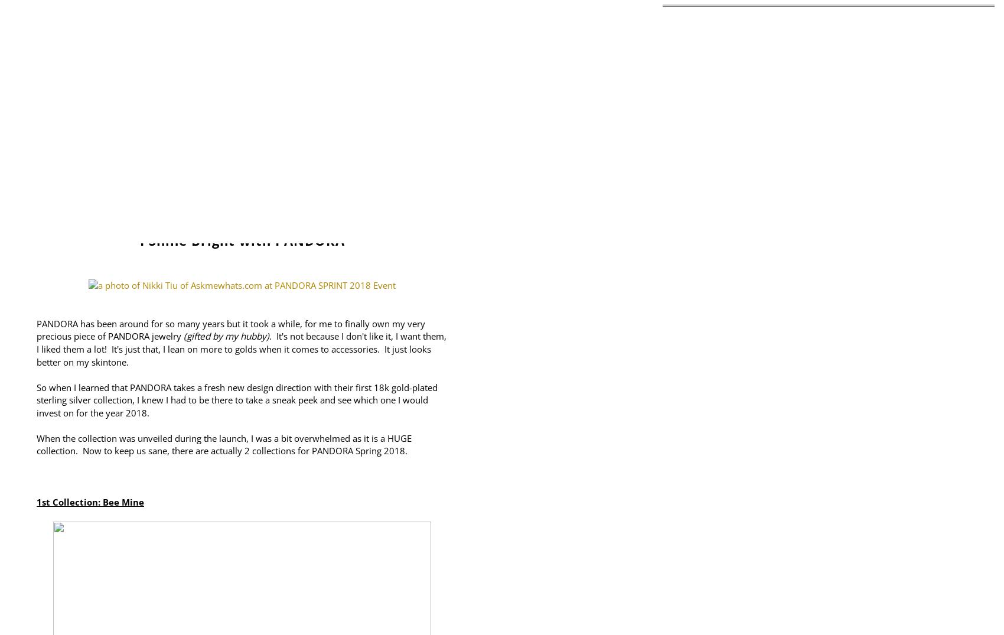  What do you see at coordinates (236, 400) in the screenshot?
I see `'So when I learned that PANDORA takes a fresh new design direction with their first 18k gold-plated sterling silver collection, I knew I had to be there to take a sneak peek and see which one I would invest on for the year 2018.'` at bounding box center [236, 400].